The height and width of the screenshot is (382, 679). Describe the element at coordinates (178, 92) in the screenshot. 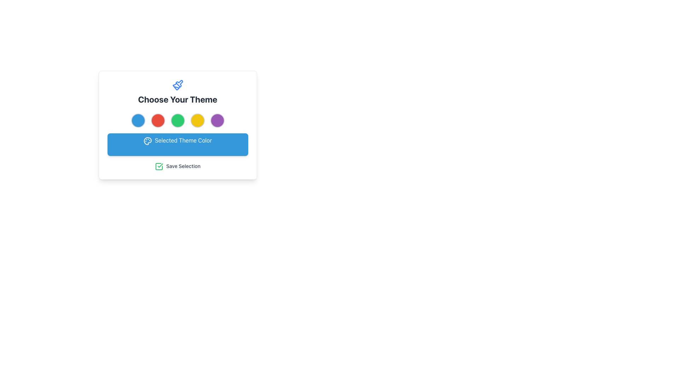

I see `the Title with Icon that displays 'Choose Your Theme', which features a blue-themed paintbrush icon above the text, located at the top of the card layout` at that location.